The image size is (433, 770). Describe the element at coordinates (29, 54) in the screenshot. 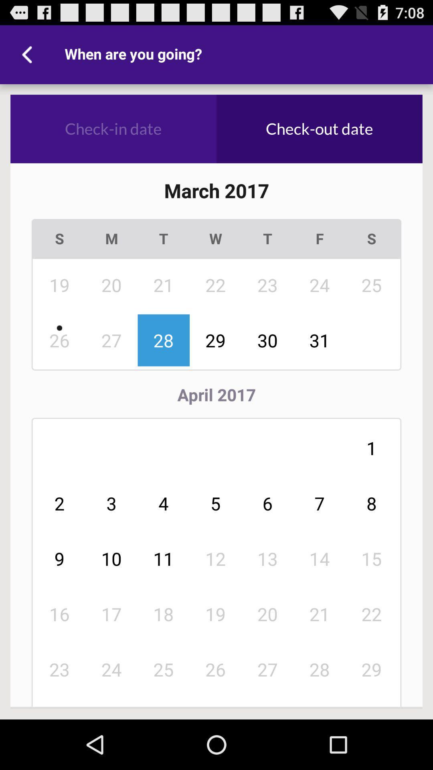

I see `item to the left of when are you item` at that location.